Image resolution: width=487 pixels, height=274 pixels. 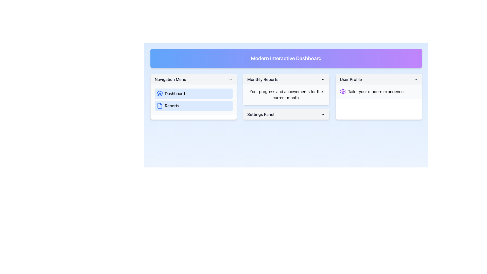 What do you see at coordinates (379, 92) in the screenshot?
I see `the content area within the 'User Profile' card located in the top-right section of the interface, below the title 'User Profile'` at bounding box center [379, 92].